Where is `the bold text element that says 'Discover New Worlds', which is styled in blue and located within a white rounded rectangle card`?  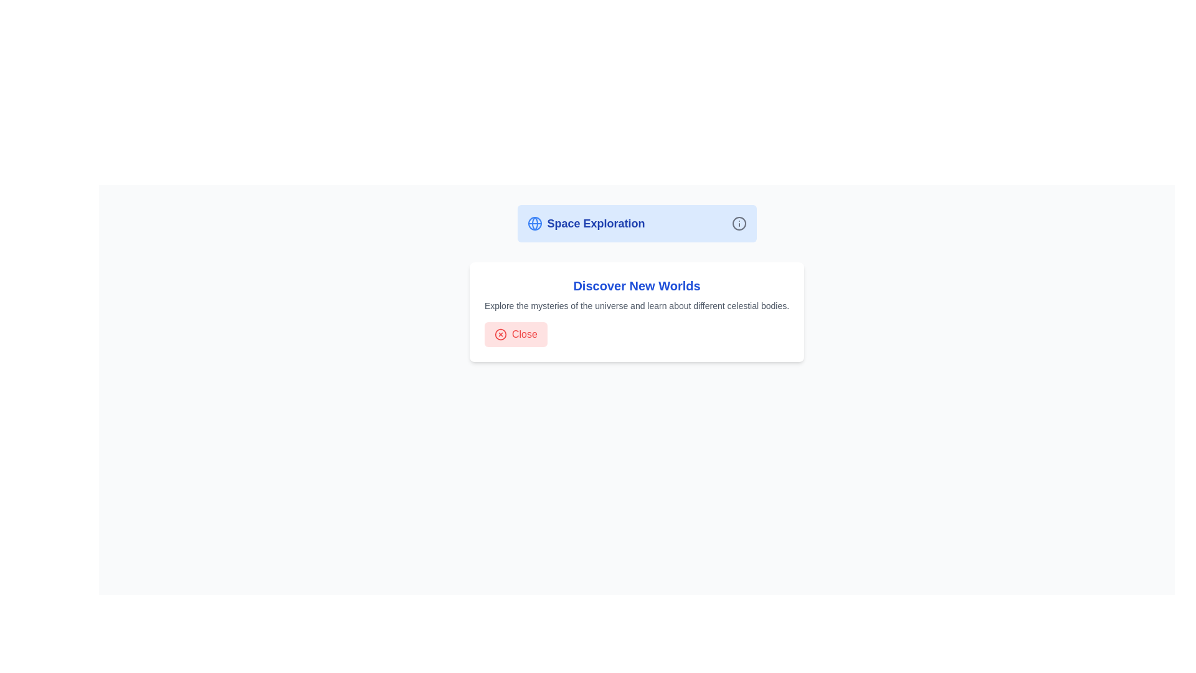 the bold text element that says 'Discover New Worlds', which is styled in blue and located within a white rounded rectangle card is located at coordinates (637, 286).